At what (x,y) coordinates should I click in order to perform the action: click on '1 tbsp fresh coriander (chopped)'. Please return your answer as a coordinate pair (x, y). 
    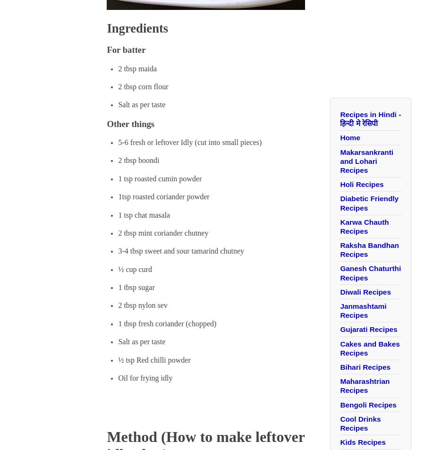
    Looking at the image, I should click on (167, 323).